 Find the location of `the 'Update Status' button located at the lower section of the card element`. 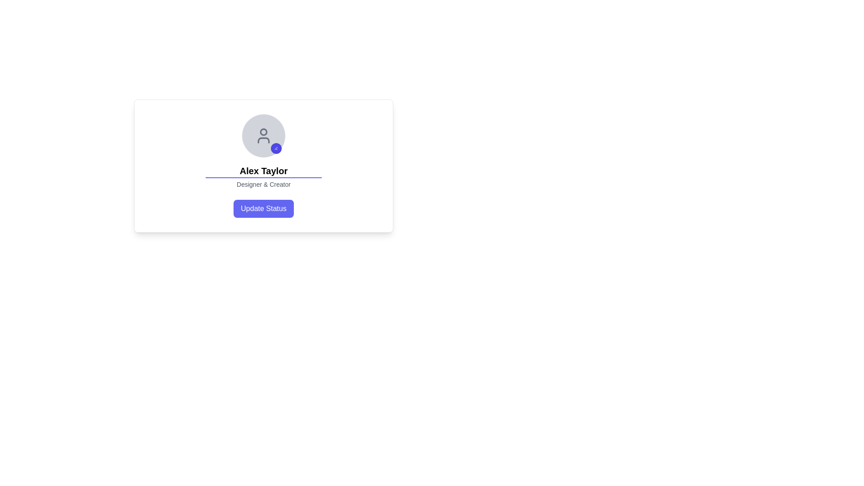

the 'Update Status' button located at the lower section of the card element is located at coordinates (263, 208).